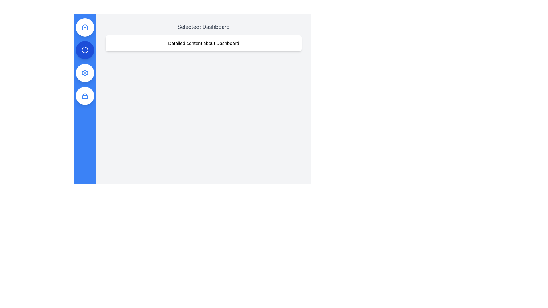  Describe the element at coordinates (204, 27) in the screenshot. I see `the text label displaying 'Selected: Dashboard' in a large, gray font, located at the top of the main content area` at that location.